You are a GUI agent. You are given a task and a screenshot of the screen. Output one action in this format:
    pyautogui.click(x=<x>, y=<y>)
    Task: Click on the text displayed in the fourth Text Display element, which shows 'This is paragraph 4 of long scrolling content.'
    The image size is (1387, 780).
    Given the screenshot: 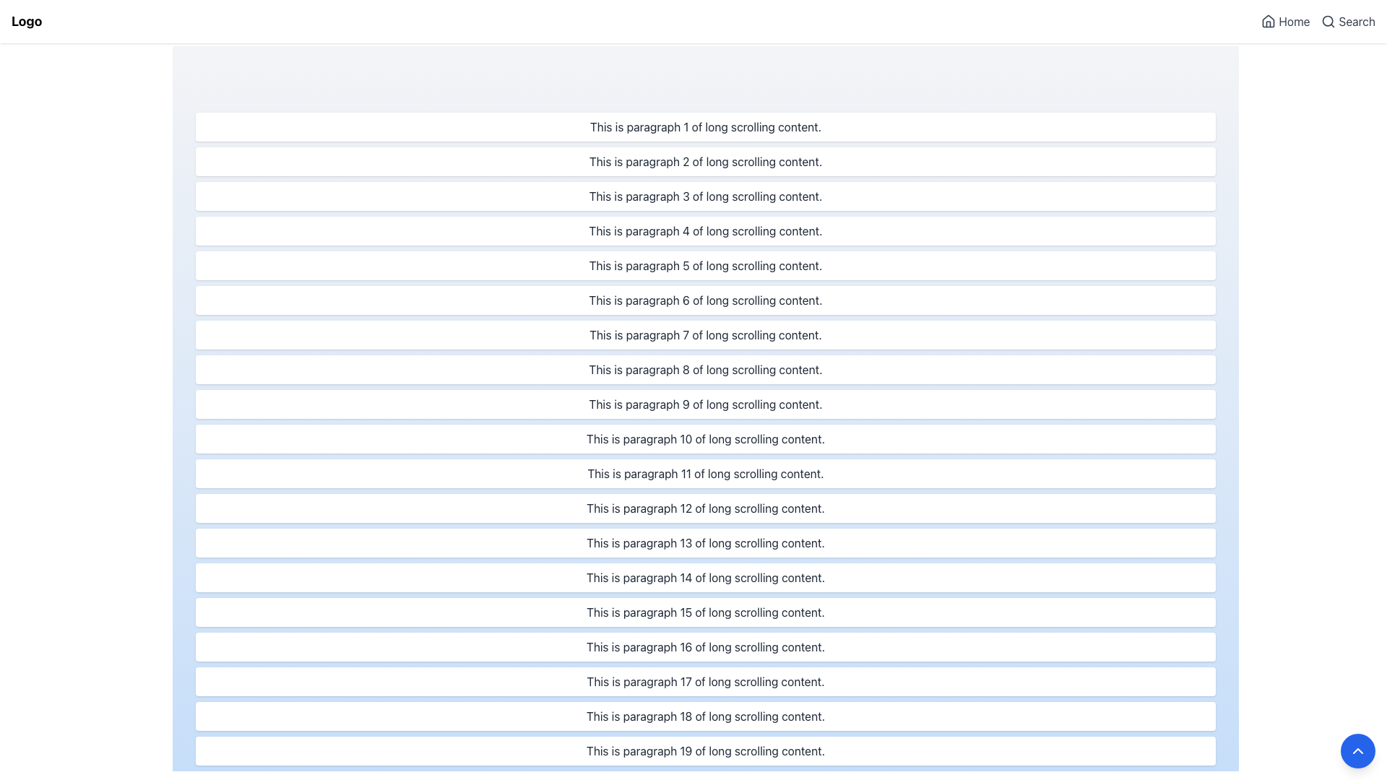 What is the action you would take?
    pyautogui.click(x=706, y=230)
    